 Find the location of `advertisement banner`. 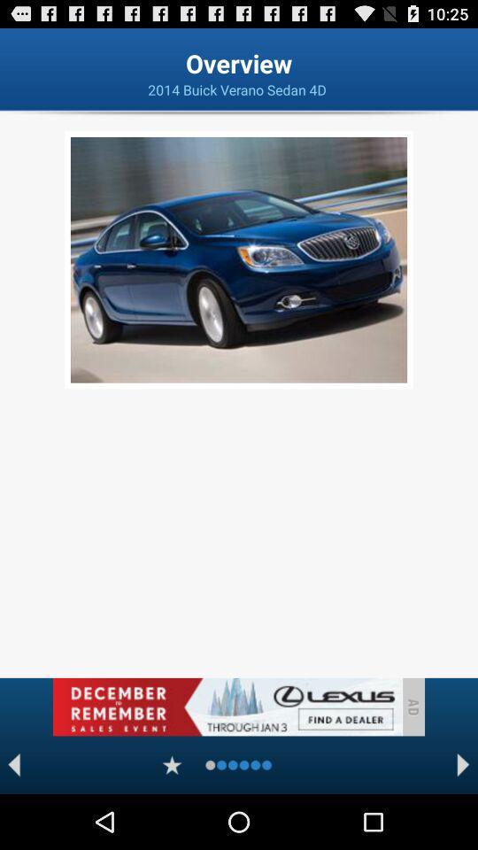

advertisement banner is located at coordinates (227, 707).